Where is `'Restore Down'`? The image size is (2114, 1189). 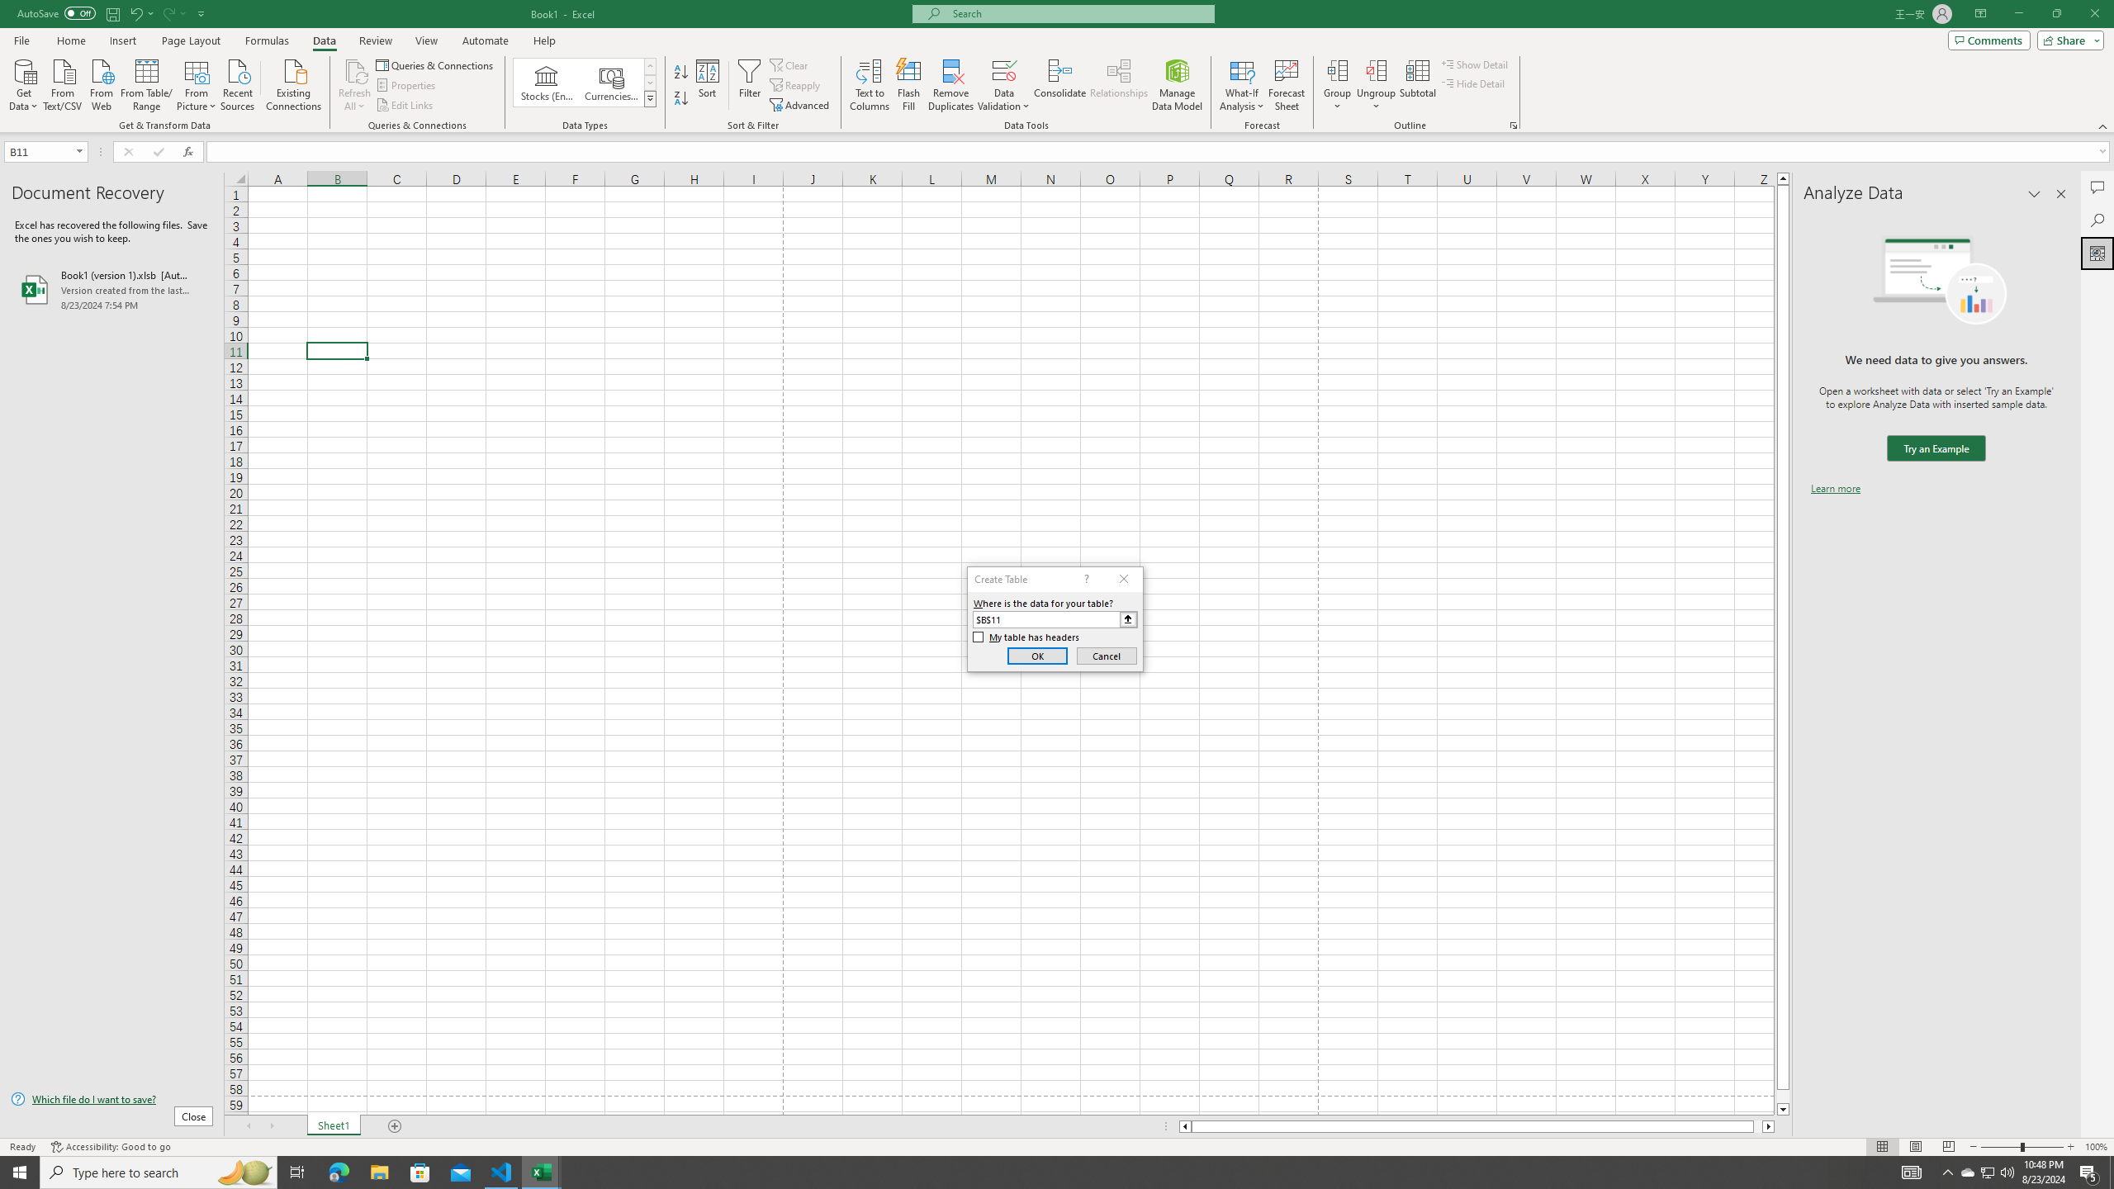 'Restore Down' is located at coordinates (2056, 13).